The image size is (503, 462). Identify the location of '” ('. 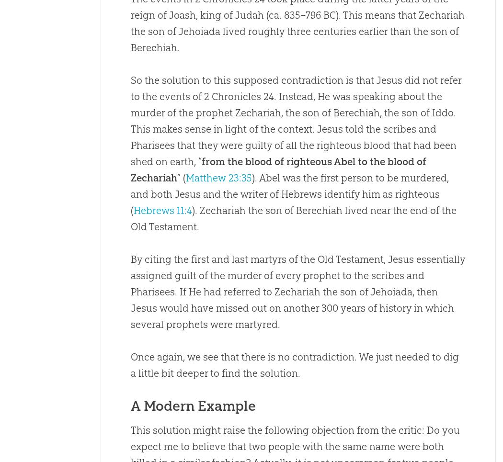
(181, 178).